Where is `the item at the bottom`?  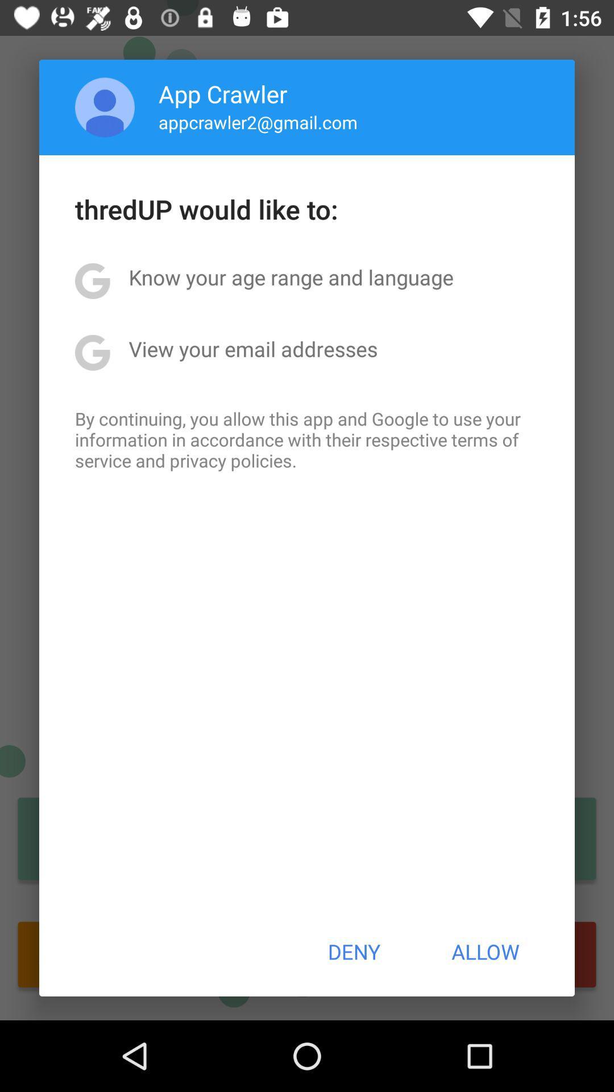
the item at the bottom is located at coordinates (353, 952).